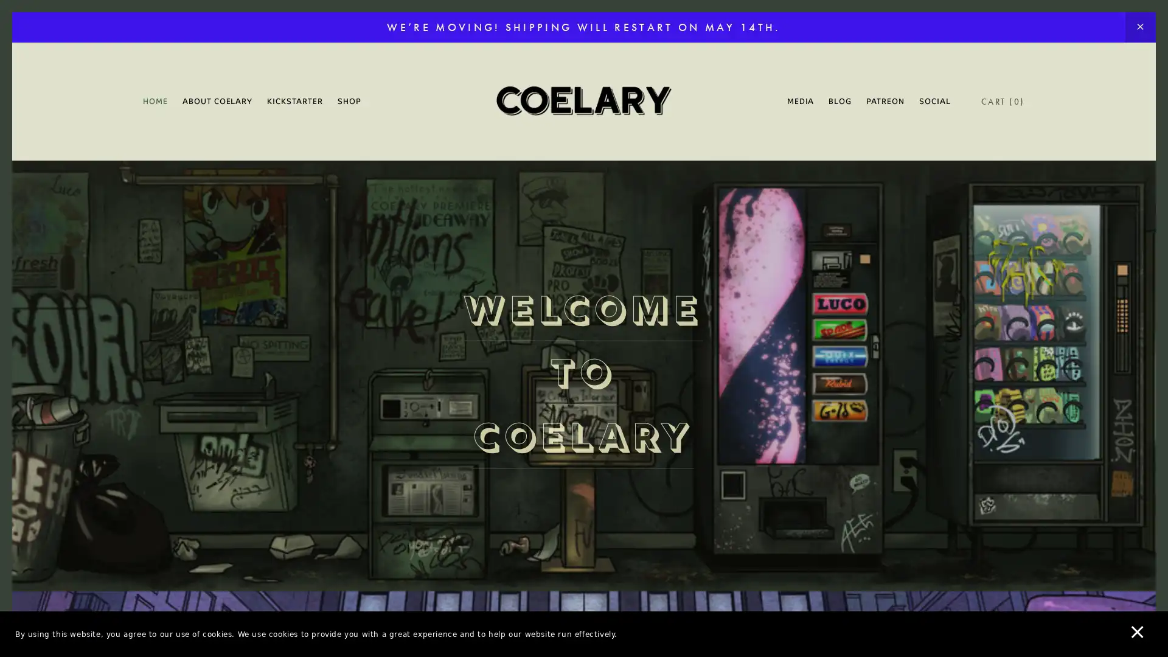 The image size is (1168, 657). What do you see at coordinates (698, 422) in the screenshot?
I see `Subscribe` at bounding box center [698, 422].